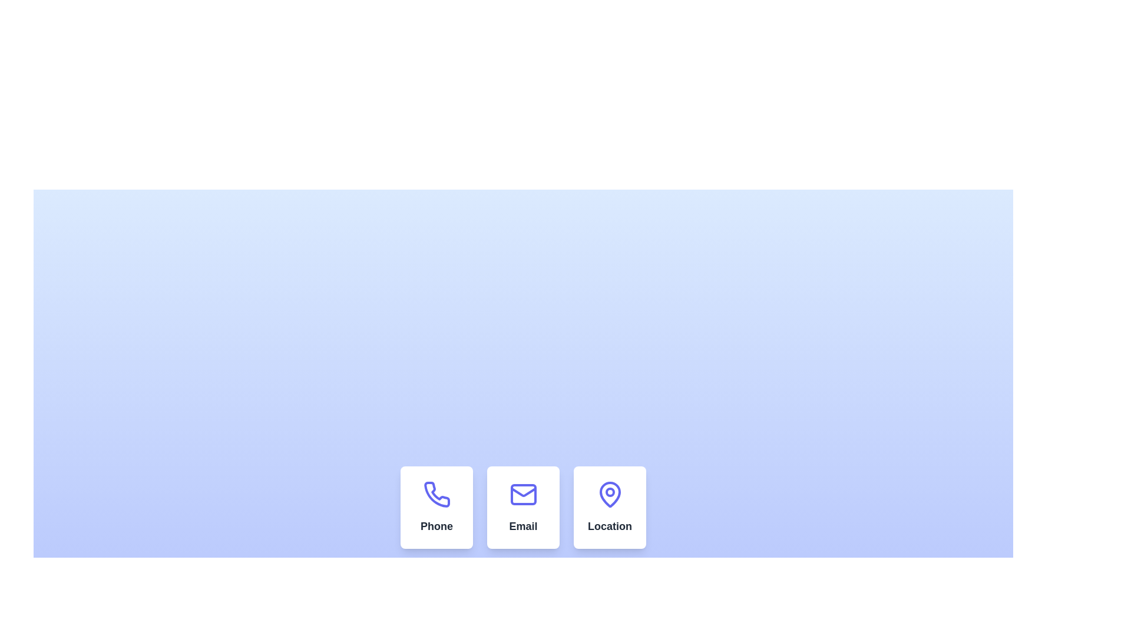 The height and width of the screenshot is (636, 1131). What do you see at coordinates (436, 495) in the screenshot?
I see `the indigo stylized phone receiver icon located in the center of the first column beneath the 'Phone' text` at bounding box center [436, 495].